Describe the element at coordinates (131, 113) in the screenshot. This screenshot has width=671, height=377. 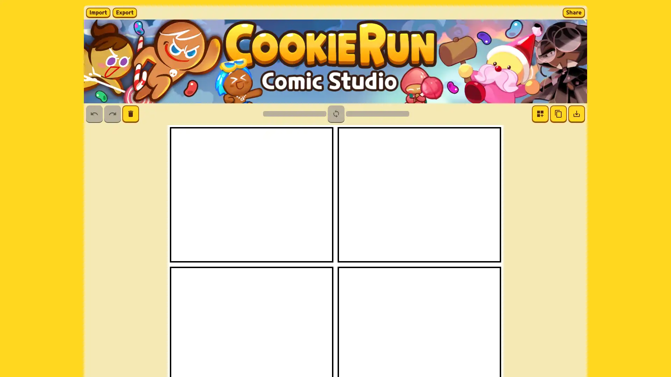
I see `delete` at that location.